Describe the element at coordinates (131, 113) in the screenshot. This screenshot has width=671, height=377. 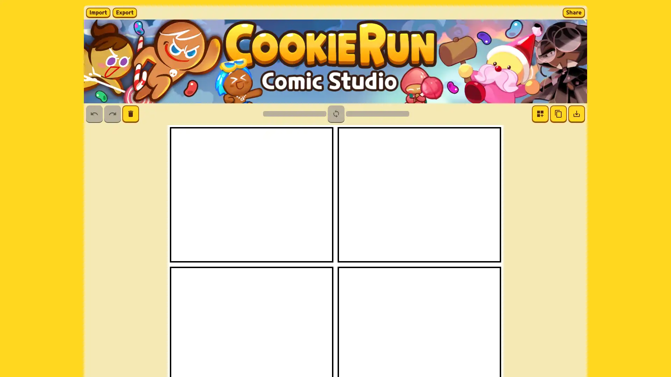
I see `delete` at that location.